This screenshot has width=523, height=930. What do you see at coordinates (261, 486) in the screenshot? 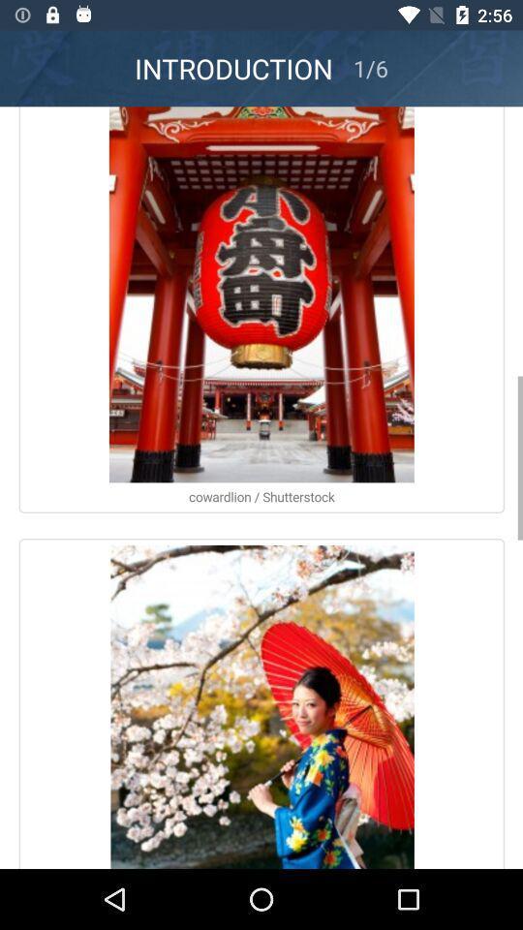
I see `open pictures` at bounding box center [261, 486].